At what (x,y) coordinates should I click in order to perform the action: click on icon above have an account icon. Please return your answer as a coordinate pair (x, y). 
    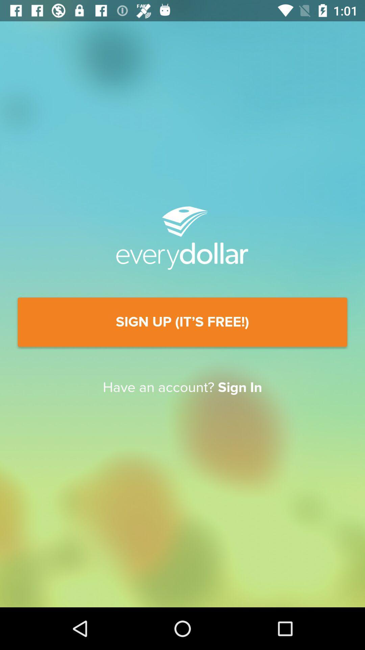
    Looking at the image, I should click on (182, 322).